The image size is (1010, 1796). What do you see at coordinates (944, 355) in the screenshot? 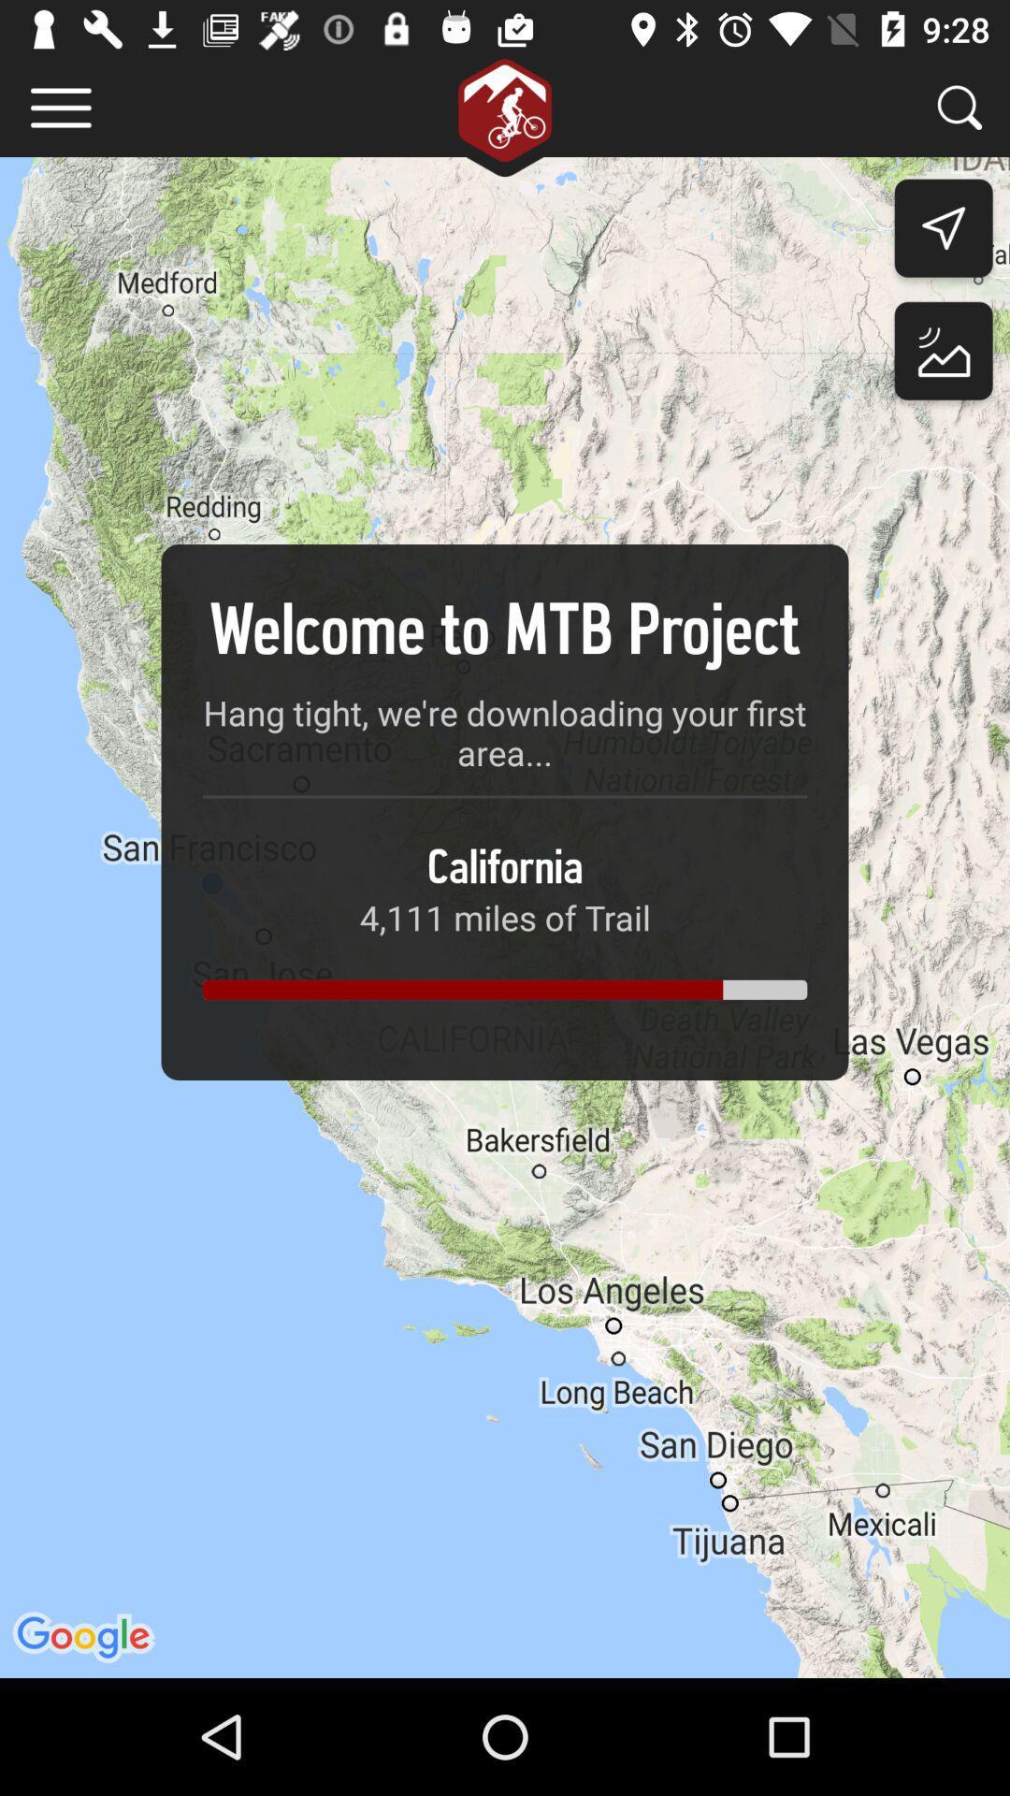
I see `the wallpaper icon` at bounding box center [944, 355].